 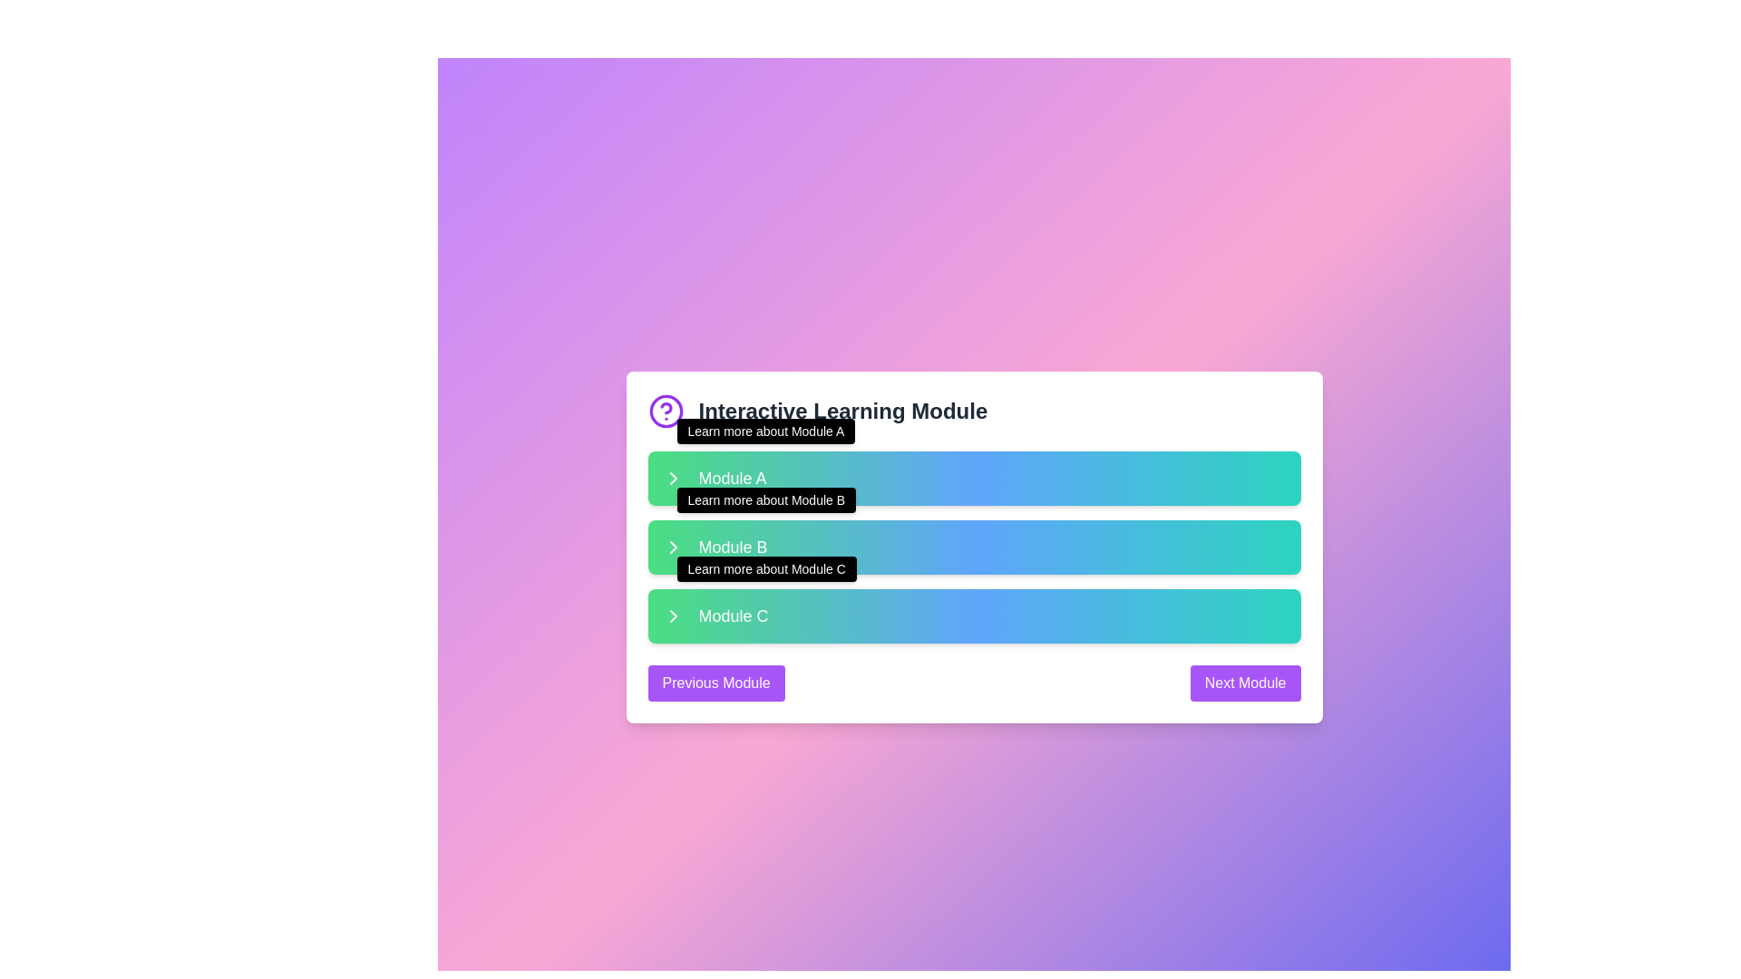 What do you see at coordinates (766, 568) in the screenshot?
I see `the tooltip displaying 'Learn more about Module C', which is positioned above the Module C panel` at bounding box center [766, 568].